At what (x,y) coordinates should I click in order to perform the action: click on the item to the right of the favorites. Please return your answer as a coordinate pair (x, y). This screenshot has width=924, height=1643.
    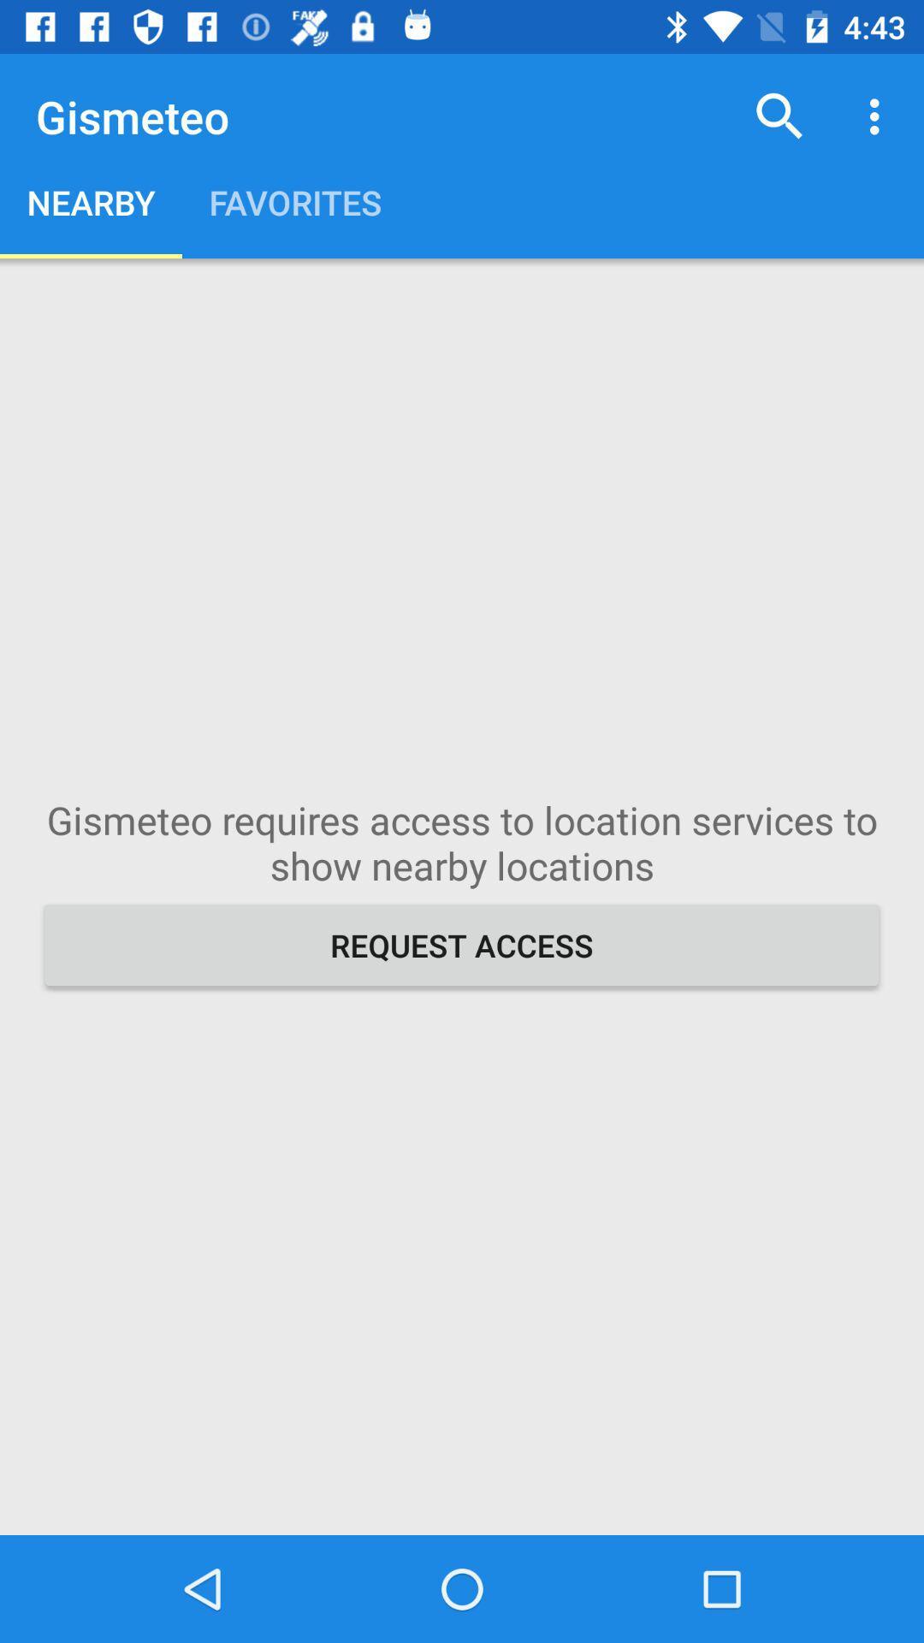
    Looking at the image, I should click on (779, 116).